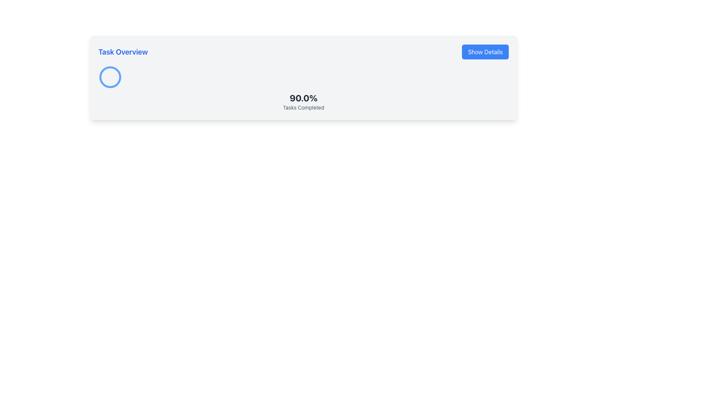 The image size is (713, 401). I want to click on the 'Show Details' button, which is a rectangular button with rounded corners and changes color on hover, located in the top-right corner of the 'Task Overview' bar, so click(485, 51).